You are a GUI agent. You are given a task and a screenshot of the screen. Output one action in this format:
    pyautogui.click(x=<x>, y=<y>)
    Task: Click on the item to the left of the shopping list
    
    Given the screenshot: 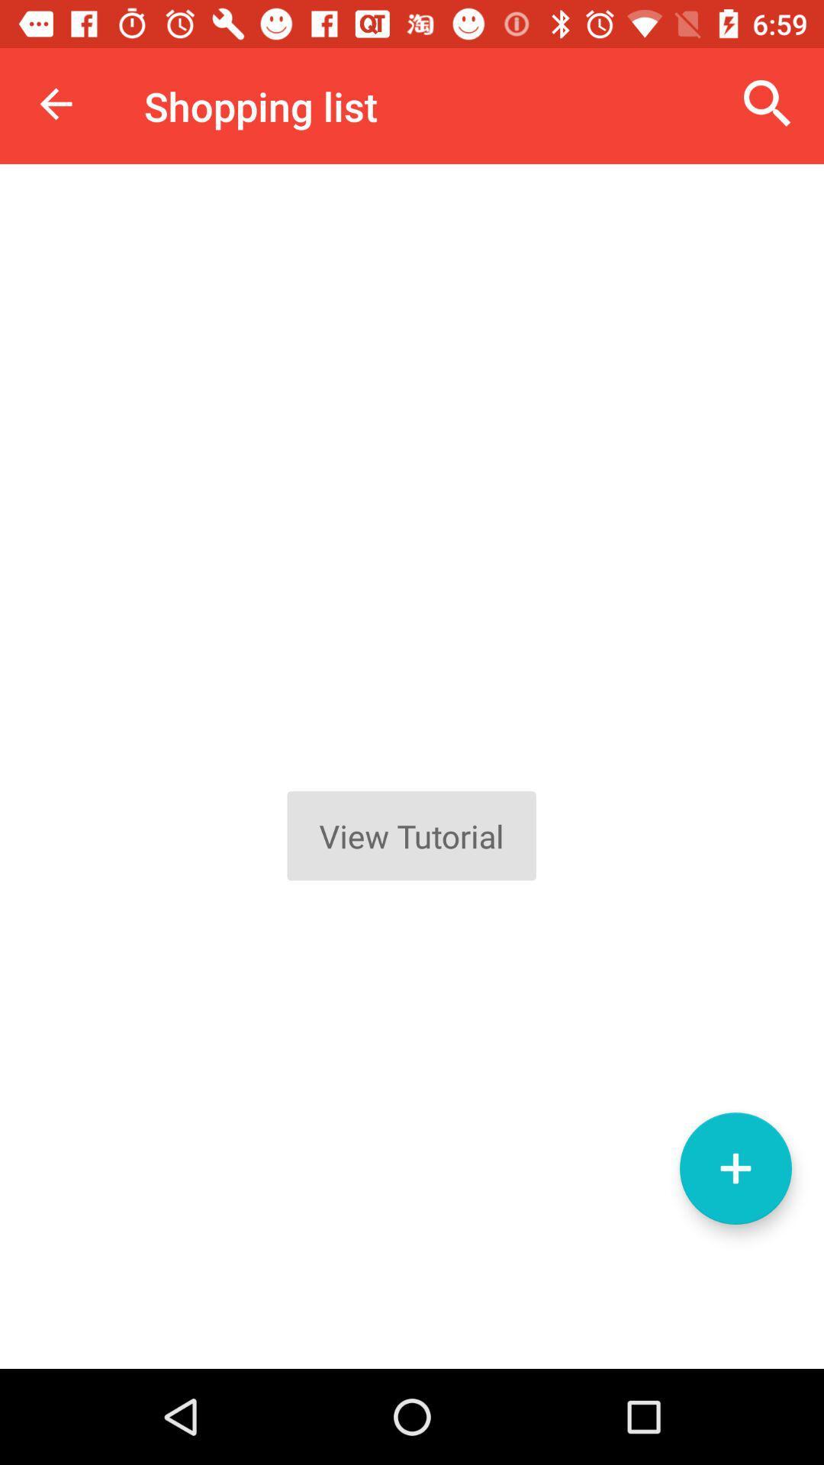 What is the action you would take?
    pyautogui.click(x=55, y=103)
    